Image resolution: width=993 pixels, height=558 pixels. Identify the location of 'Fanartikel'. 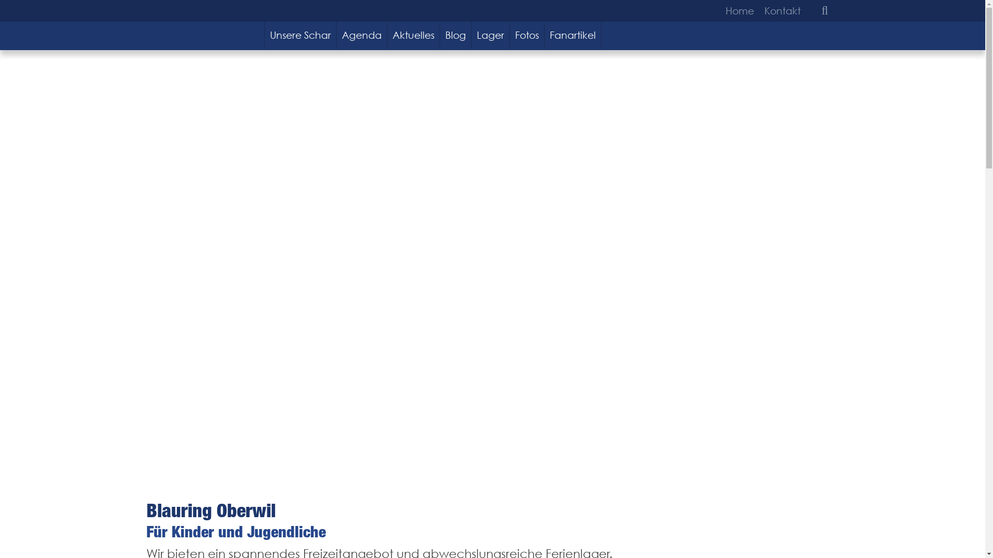
(573, 35).